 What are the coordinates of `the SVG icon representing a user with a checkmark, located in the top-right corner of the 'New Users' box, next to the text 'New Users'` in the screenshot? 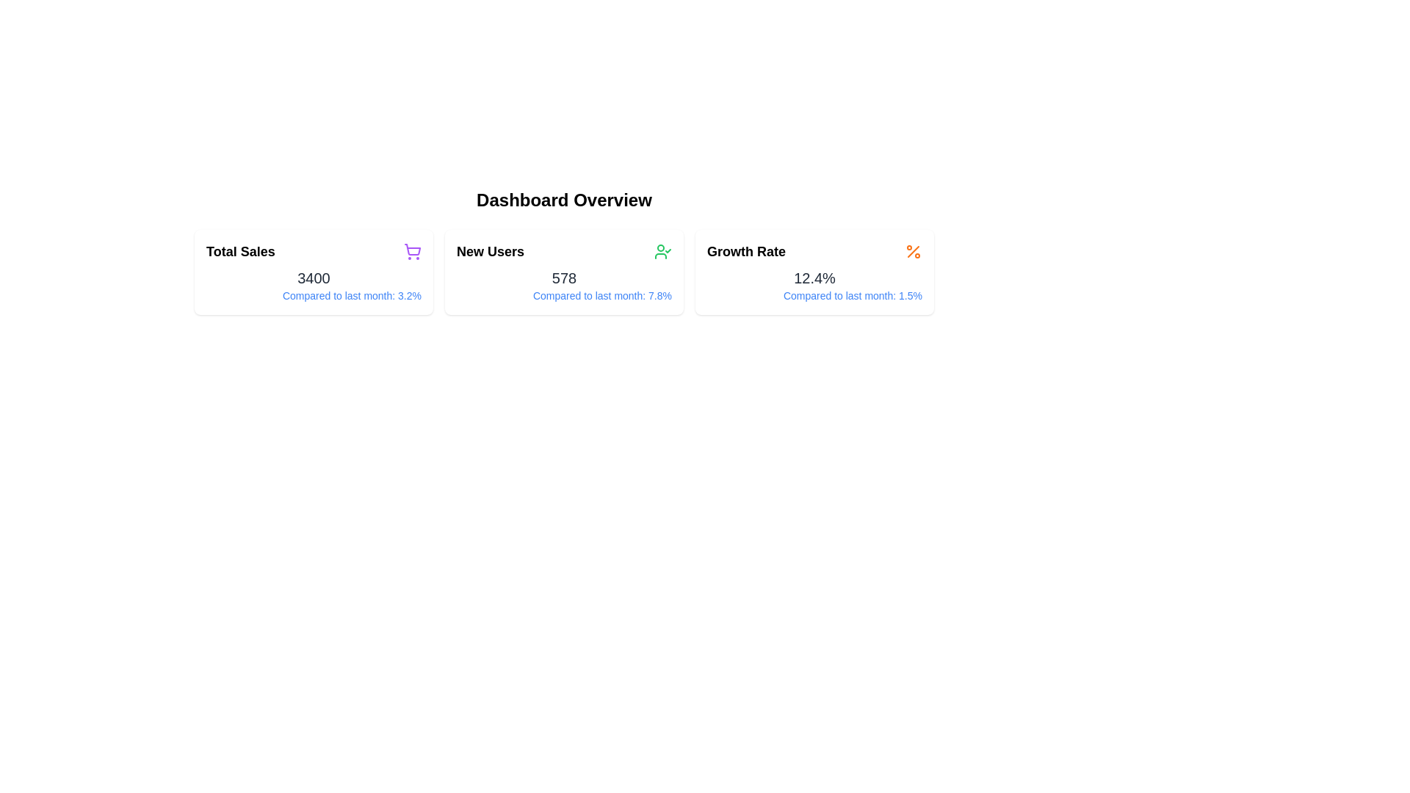 It's located at (662, 251).